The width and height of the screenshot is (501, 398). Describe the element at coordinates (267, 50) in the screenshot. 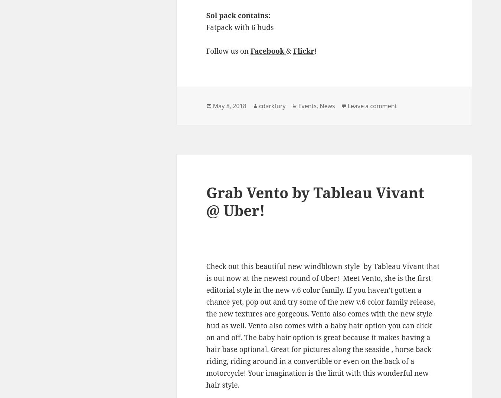

I see `'Facebook'` at that location.